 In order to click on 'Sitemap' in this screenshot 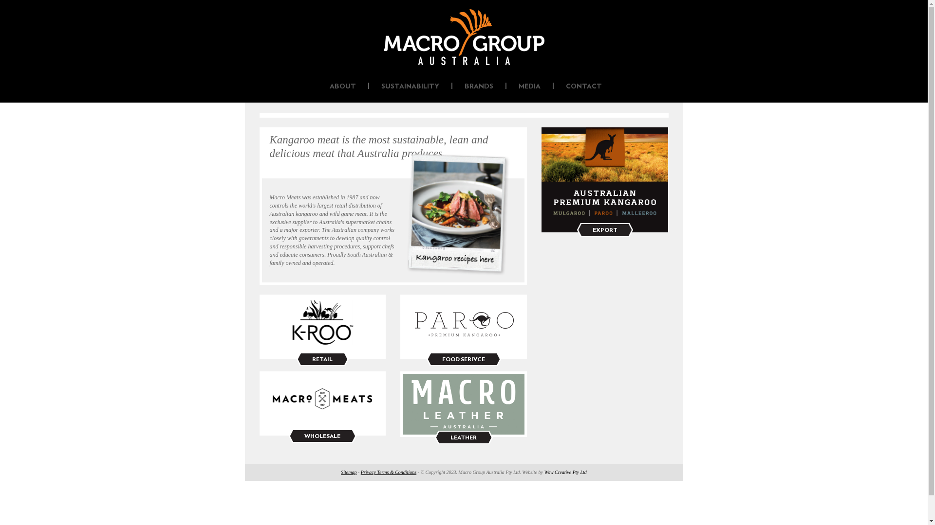, I will do `click(341, 472)`.